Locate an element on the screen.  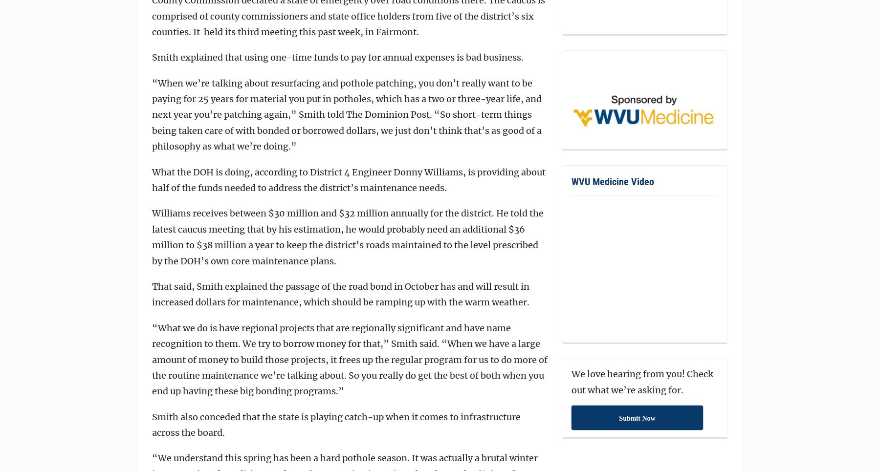
'Smith also conceded that the state is playing catch-up when it comes to infrastructure across the board.' is located at coordinates (152, 425).